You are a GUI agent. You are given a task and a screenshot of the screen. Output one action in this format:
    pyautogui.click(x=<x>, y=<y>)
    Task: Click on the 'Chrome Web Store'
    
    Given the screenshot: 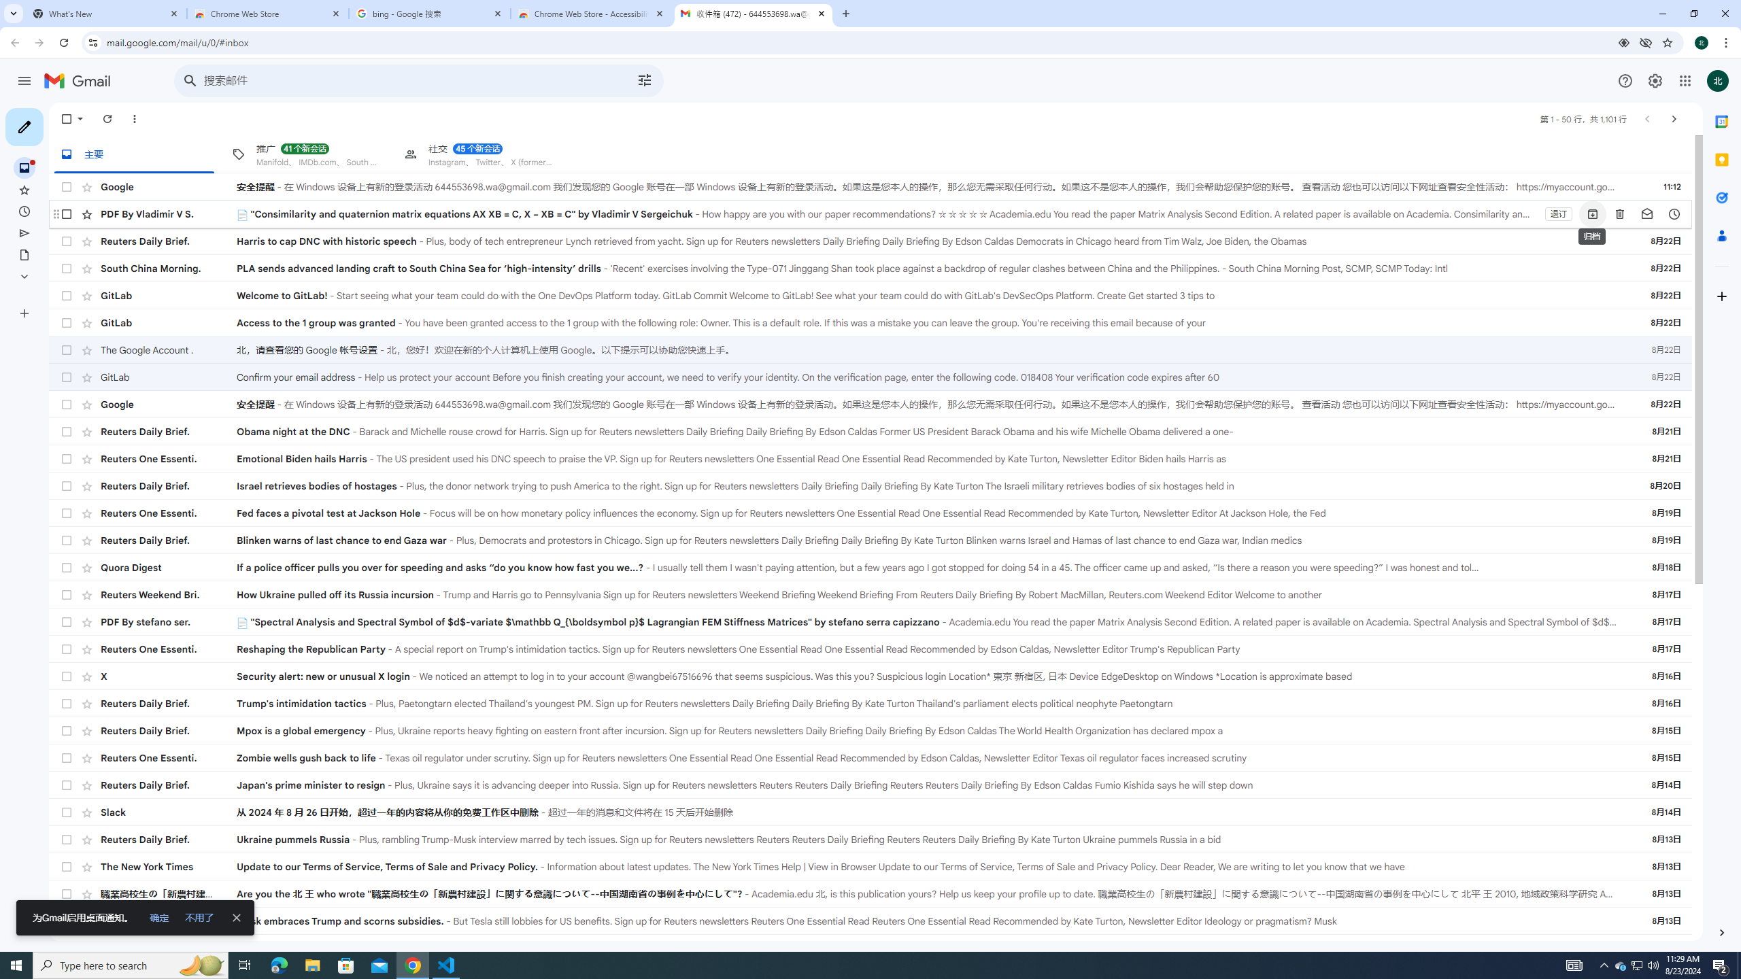 What is the action you would take?
    pyautogui.click(x=268, y=13)
    